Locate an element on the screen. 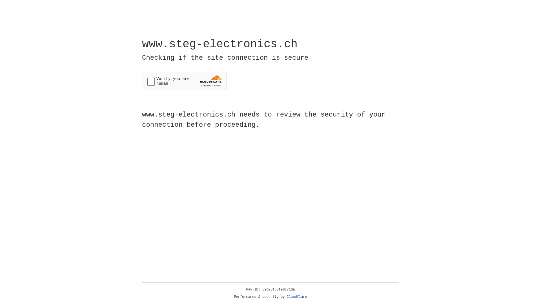 This screenshot has height=304, width=541. 'Widget containing a Cloudflare security challenge' is located at coordinates (184, 81).